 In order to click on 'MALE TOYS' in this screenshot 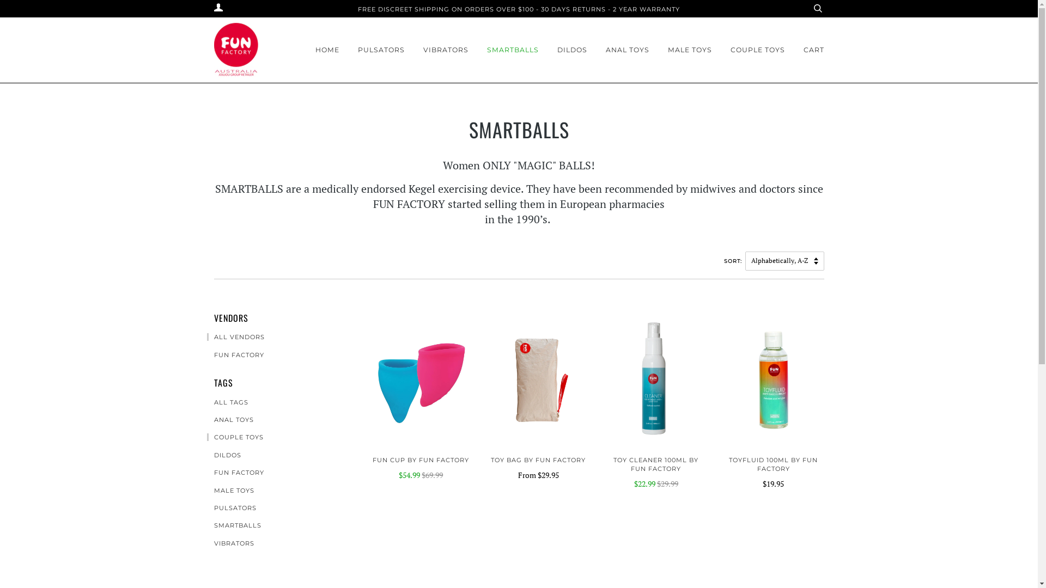, I will do `click(689, 50)`.